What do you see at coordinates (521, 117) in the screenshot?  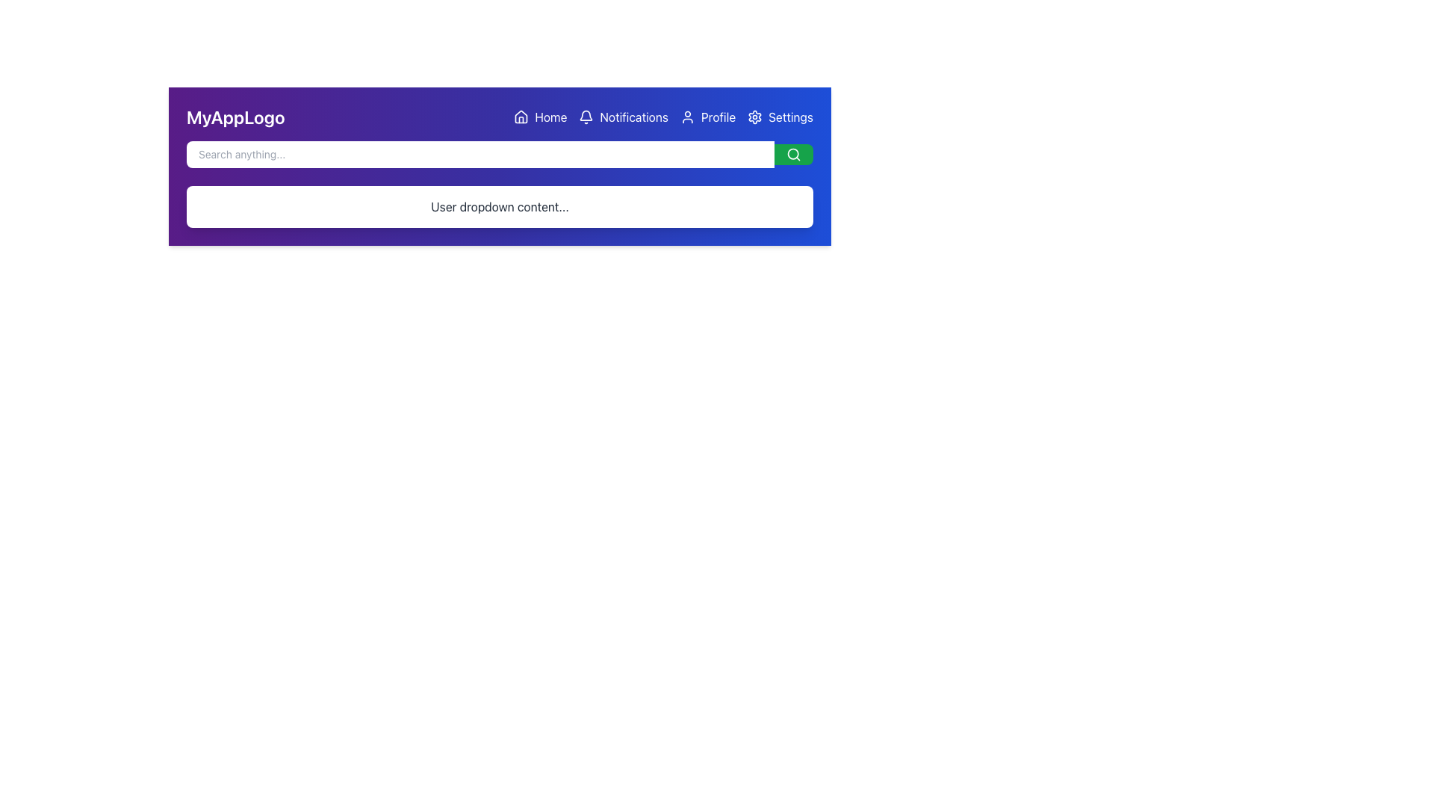 I see `the house icon located in the navigation bar, to the left of the 'Home' label` at bounding box center [521, 117].